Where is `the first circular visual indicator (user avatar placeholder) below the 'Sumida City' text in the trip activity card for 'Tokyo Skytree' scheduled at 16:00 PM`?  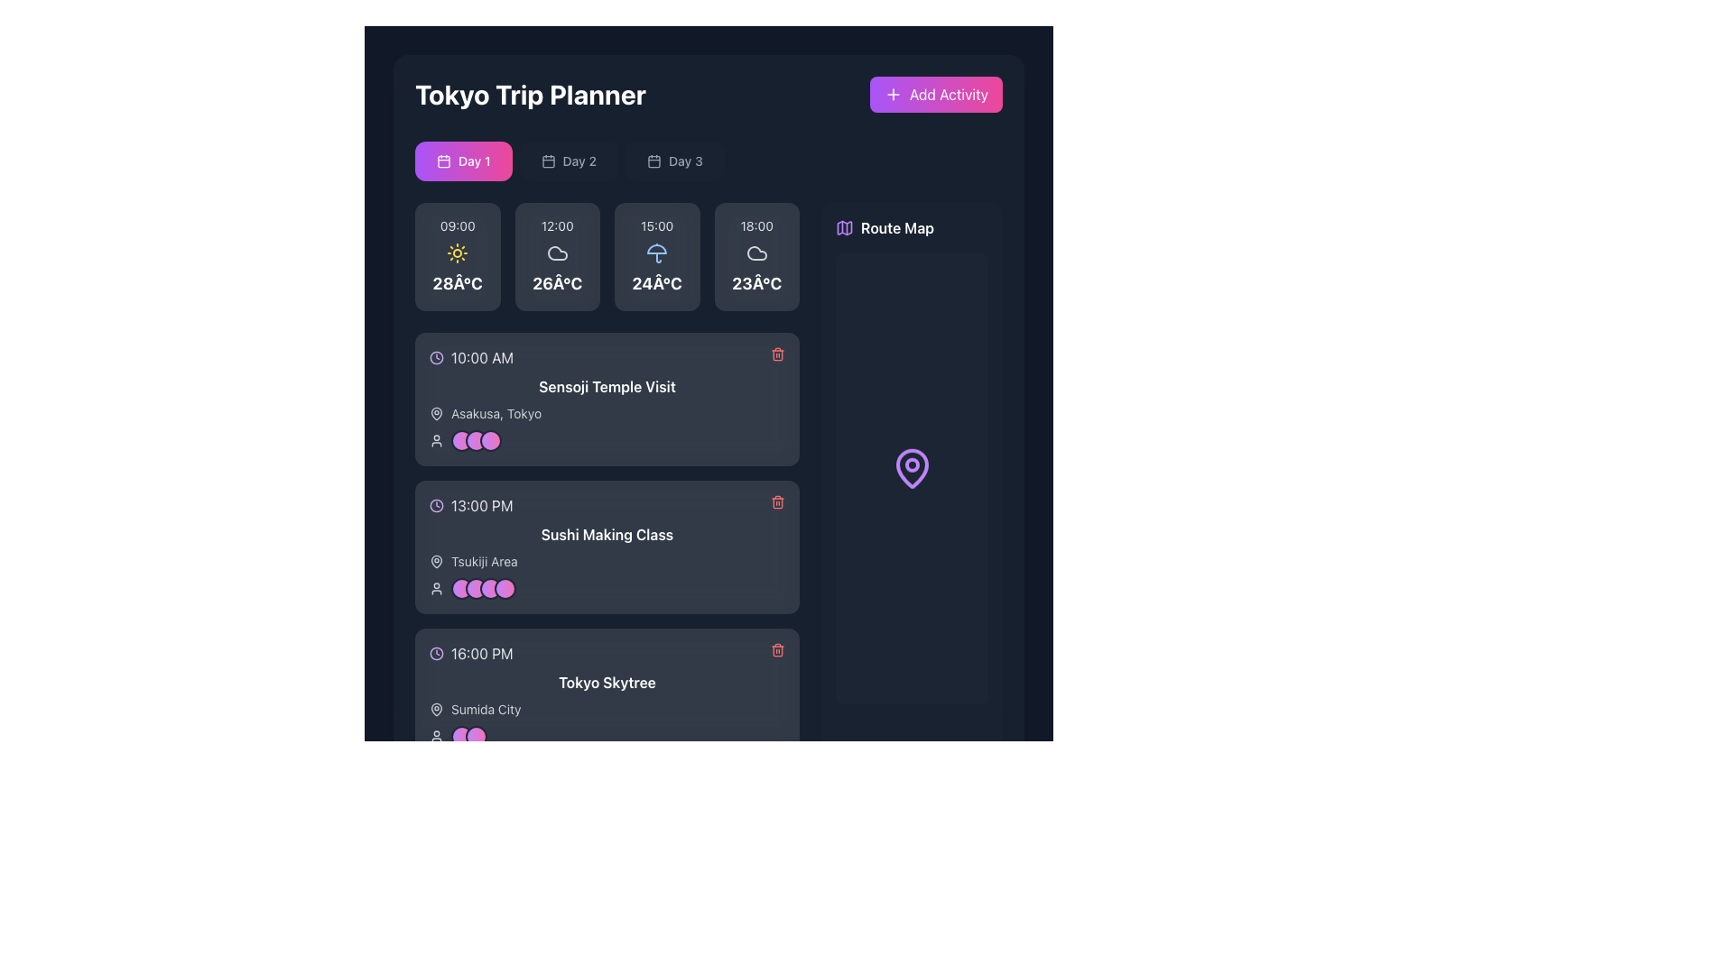
the first circular visual indicator (user avatar placeholder) below the 'Sumida City' text in the trip activity card for 'Tokyo Skytree' scheduled at 16:00 PM is located at coordinates (462, 737).